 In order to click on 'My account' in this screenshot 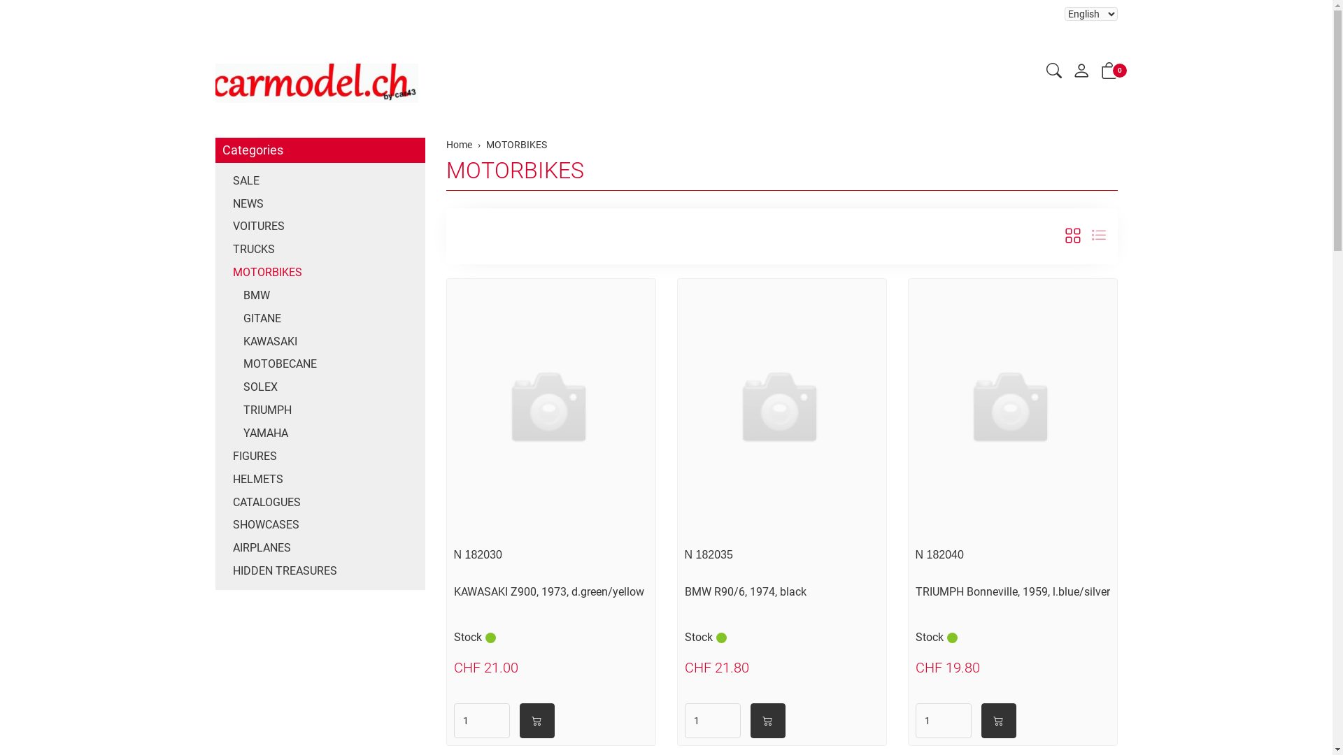, I will do `click(1080, 73)`.